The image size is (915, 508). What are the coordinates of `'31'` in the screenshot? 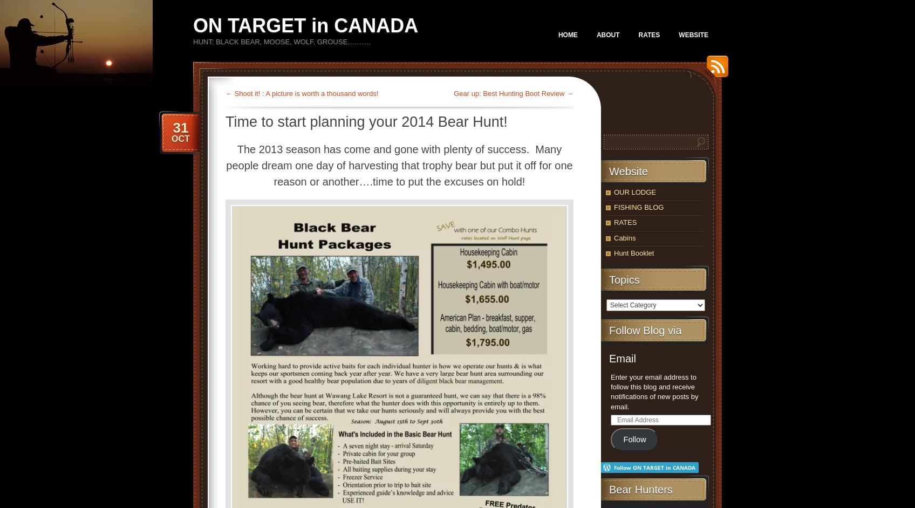 It's located at (180, 127).